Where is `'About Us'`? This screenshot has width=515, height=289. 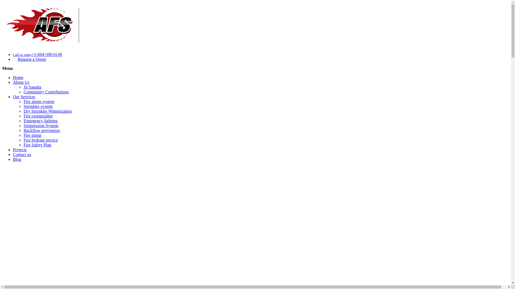
'About Us' is located at coordinates (13, 82).